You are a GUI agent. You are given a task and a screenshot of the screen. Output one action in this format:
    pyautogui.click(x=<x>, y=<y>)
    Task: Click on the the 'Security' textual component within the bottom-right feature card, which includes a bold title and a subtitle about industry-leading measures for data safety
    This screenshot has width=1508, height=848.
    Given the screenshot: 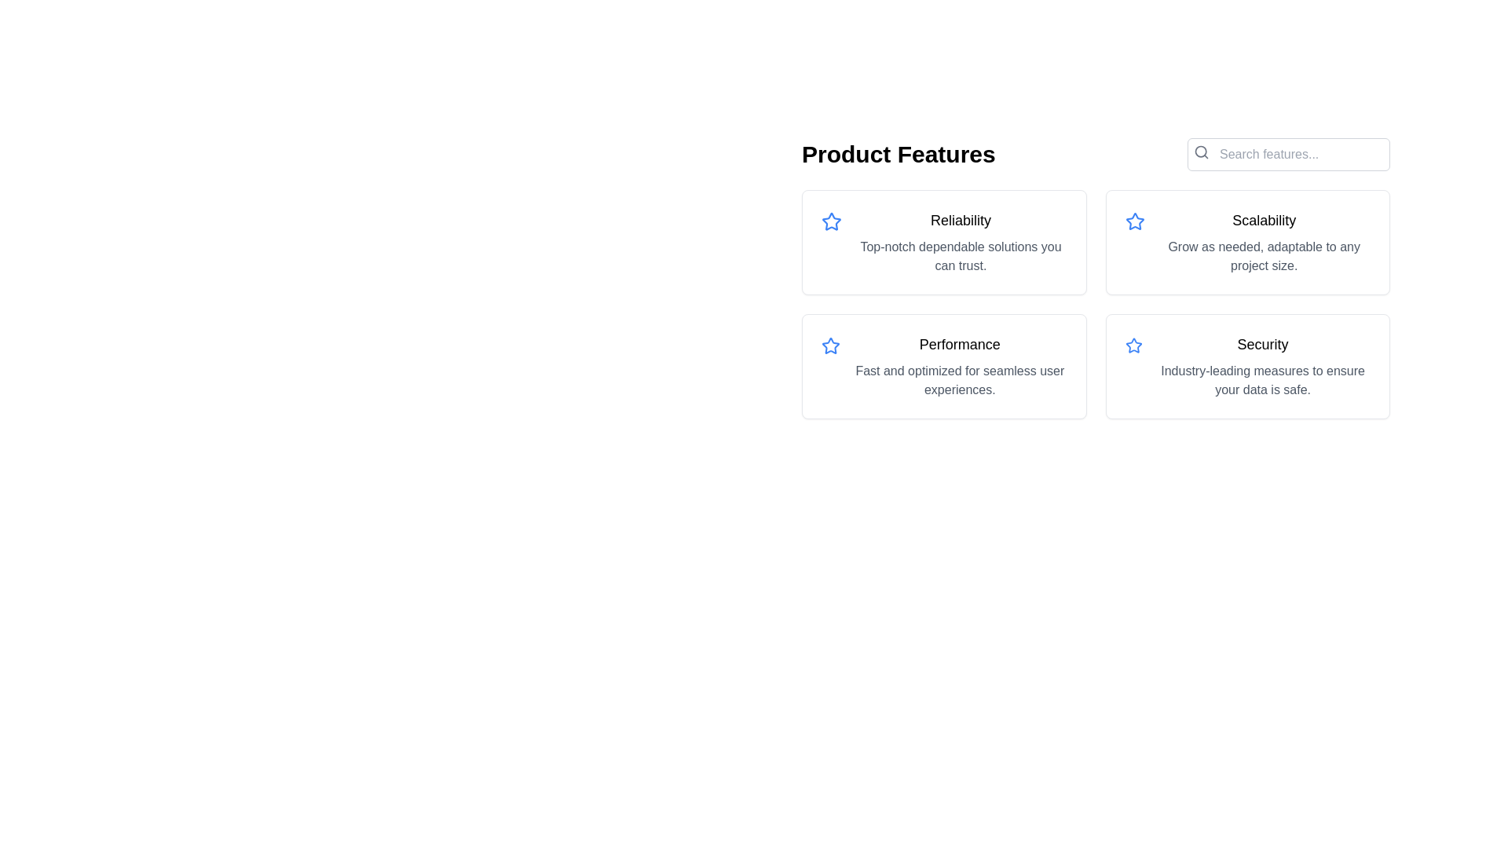 What is the action you would take?
    pyautogui.click(x=1263, y=366)
    